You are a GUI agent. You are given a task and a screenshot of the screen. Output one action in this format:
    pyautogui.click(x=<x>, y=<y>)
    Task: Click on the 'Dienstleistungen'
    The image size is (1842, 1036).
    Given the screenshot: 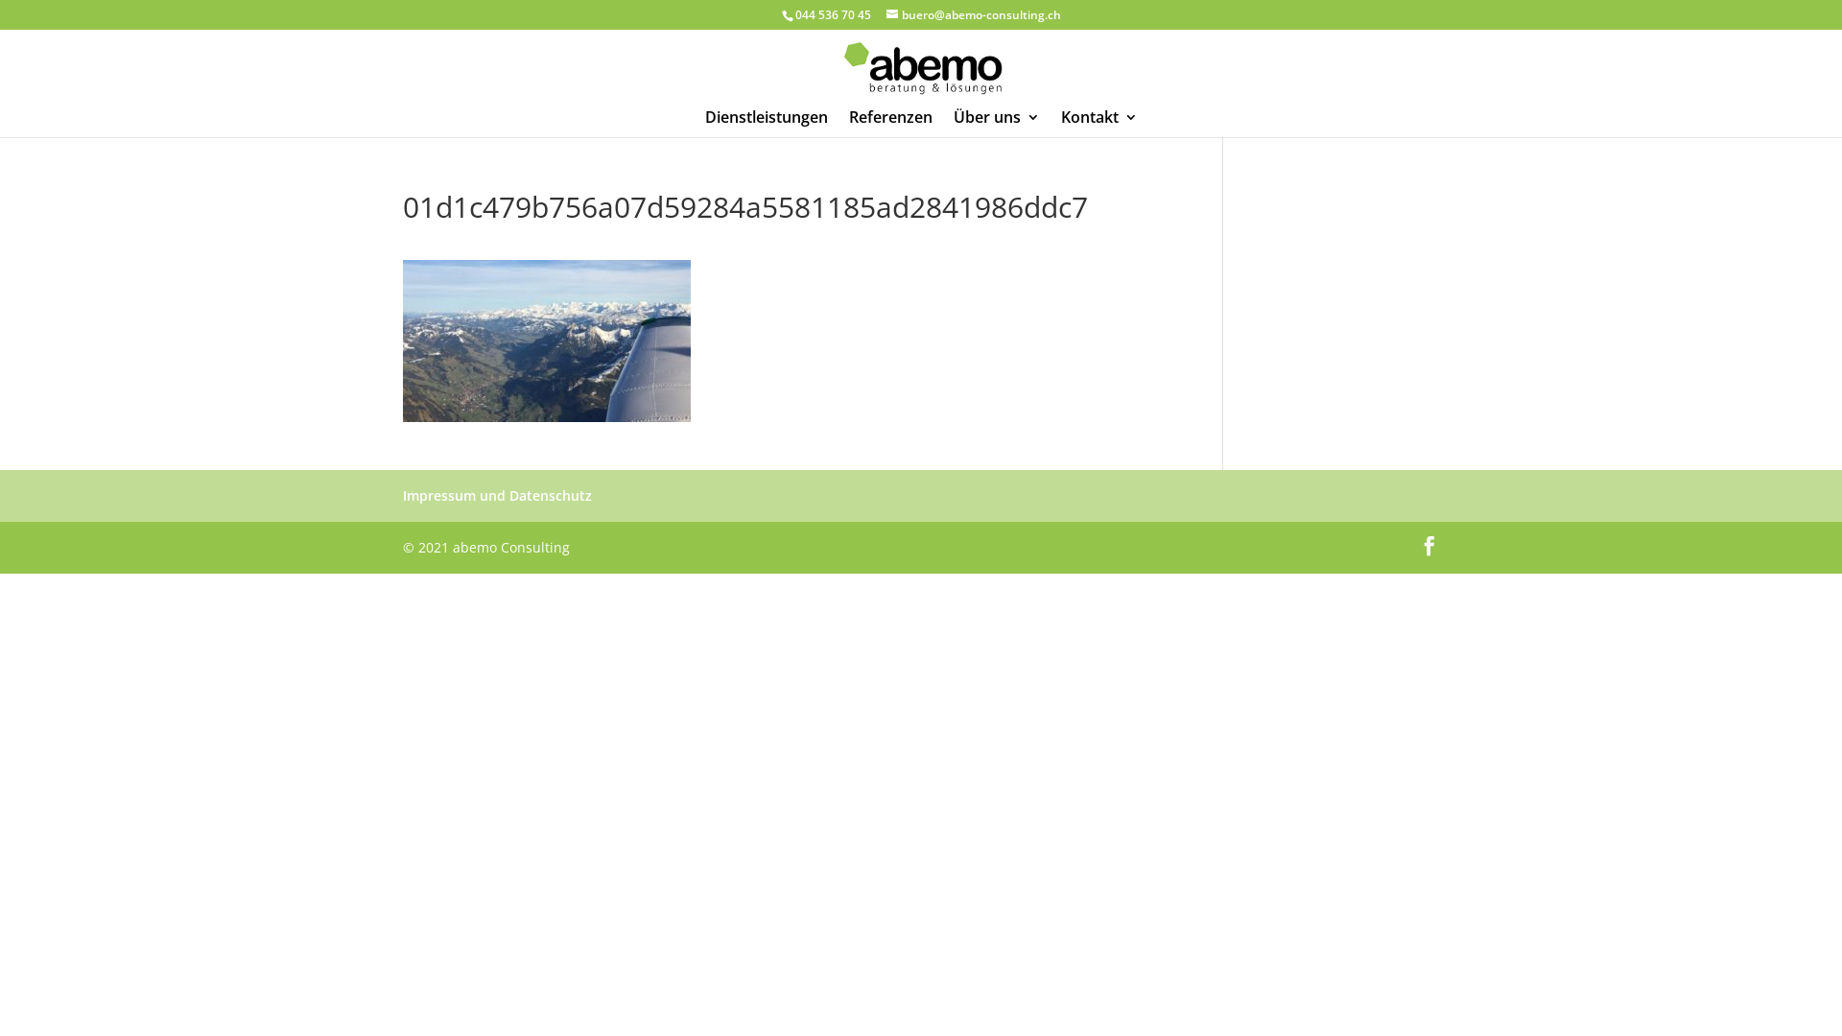 What is the action you would take?
    pyautogui.click(x=703, y=123)
    